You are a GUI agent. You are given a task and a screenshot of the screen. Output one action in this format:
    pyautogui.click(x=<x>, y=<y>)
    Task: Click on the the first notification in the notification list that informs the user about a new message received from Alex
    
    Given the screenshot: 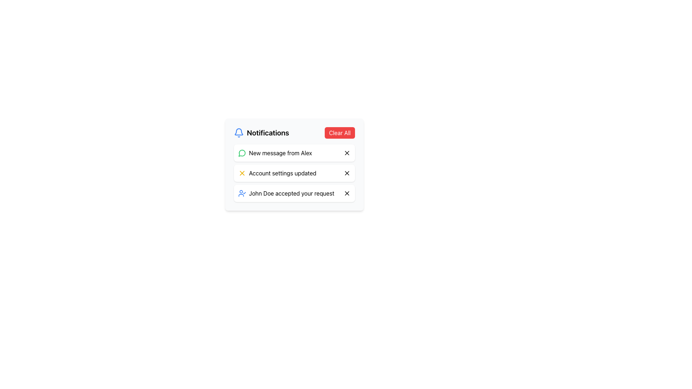 What is the action you would take?
    pyautogui.click(x=275, y=152)
    